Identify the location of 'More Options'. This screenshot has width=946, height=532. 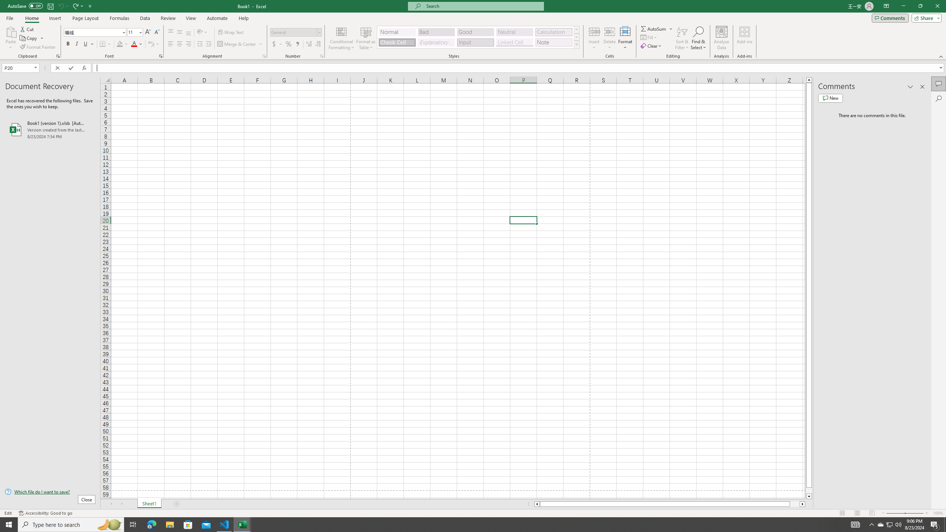
(671, 28).